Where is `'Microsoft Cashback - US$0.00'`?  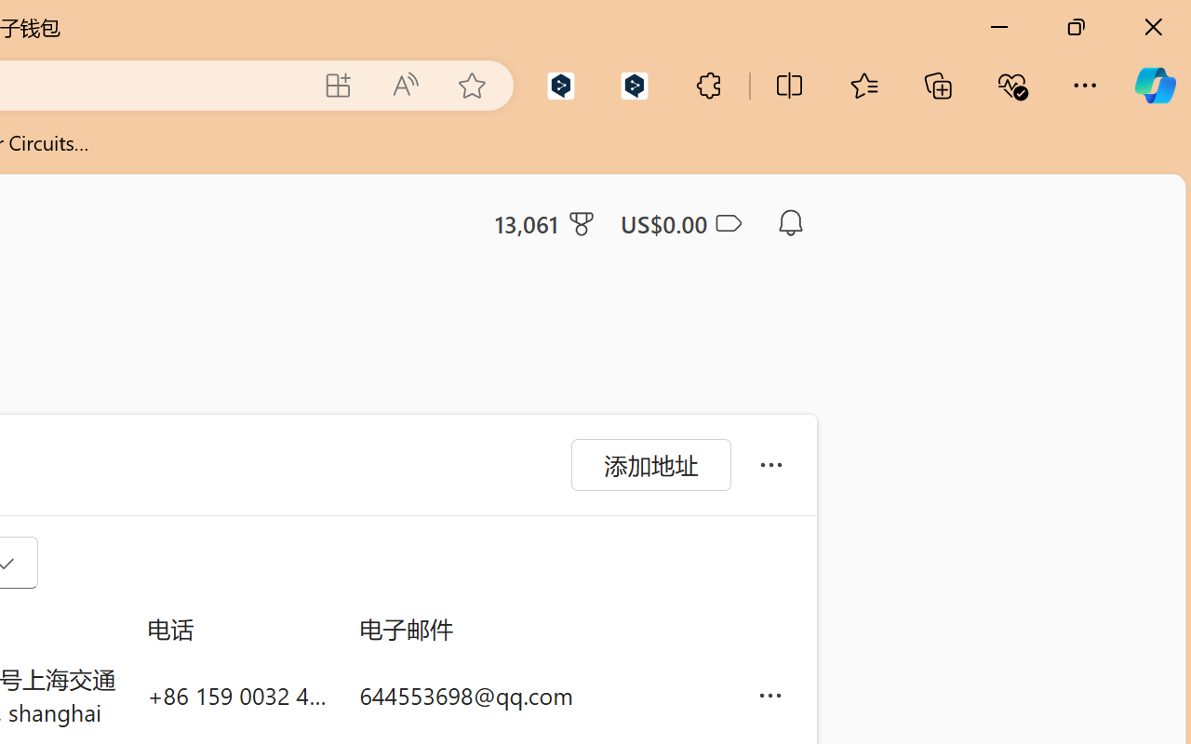
'Microsoft Cashback - US$0.00' is located at coordinates (679, 222).